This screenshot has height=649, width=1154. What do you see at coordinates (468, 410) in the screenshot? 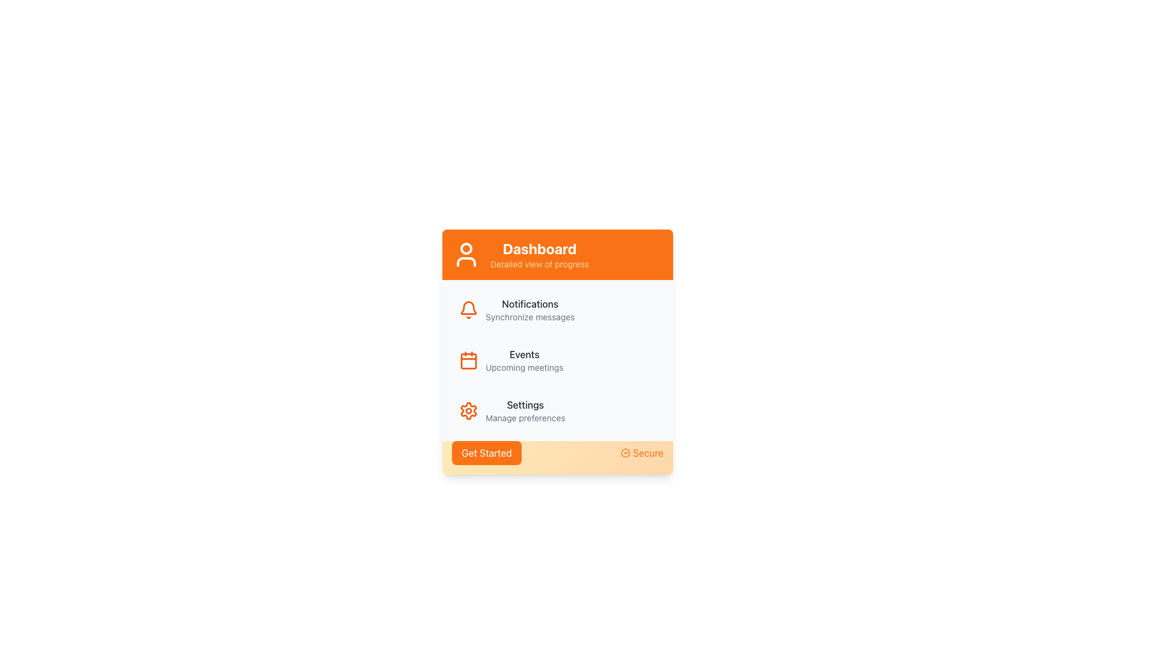
I see `the settings icon located to the left of the text 'Settings'` at bounding box center [468, 410].